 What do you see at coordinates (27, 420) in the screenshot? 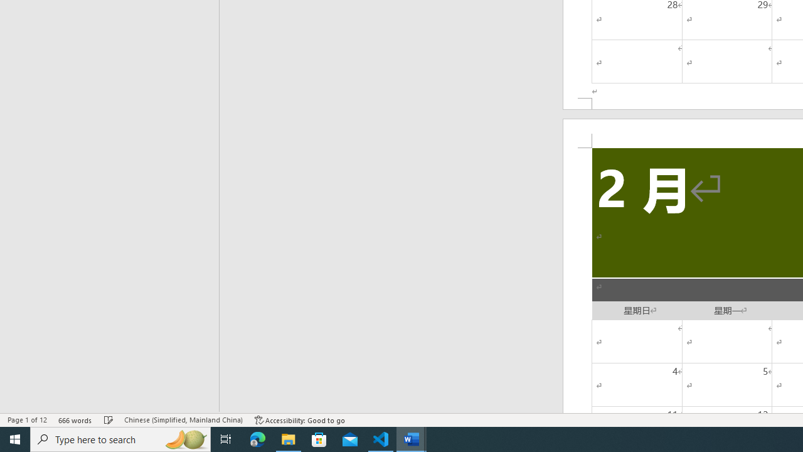
I see `'Page Number Page 1 of 12'` at bounding box center [27, 420].